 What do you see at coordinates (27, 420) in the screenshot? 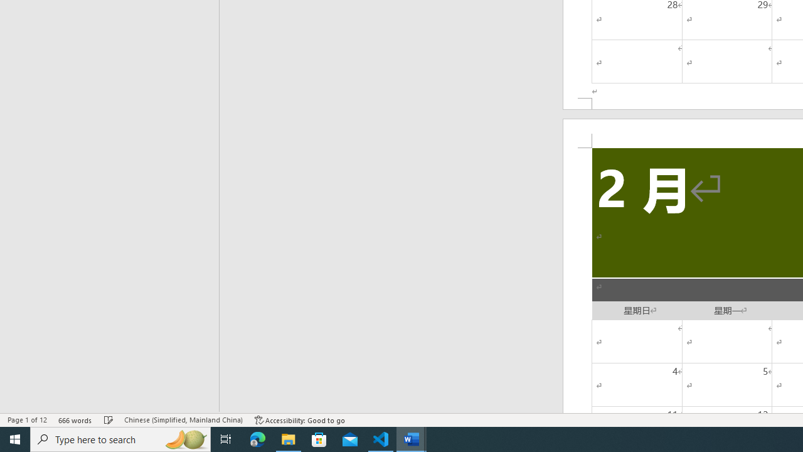
I see `'Page Number Page 1 of 12'` at bounding box center [27, 420].